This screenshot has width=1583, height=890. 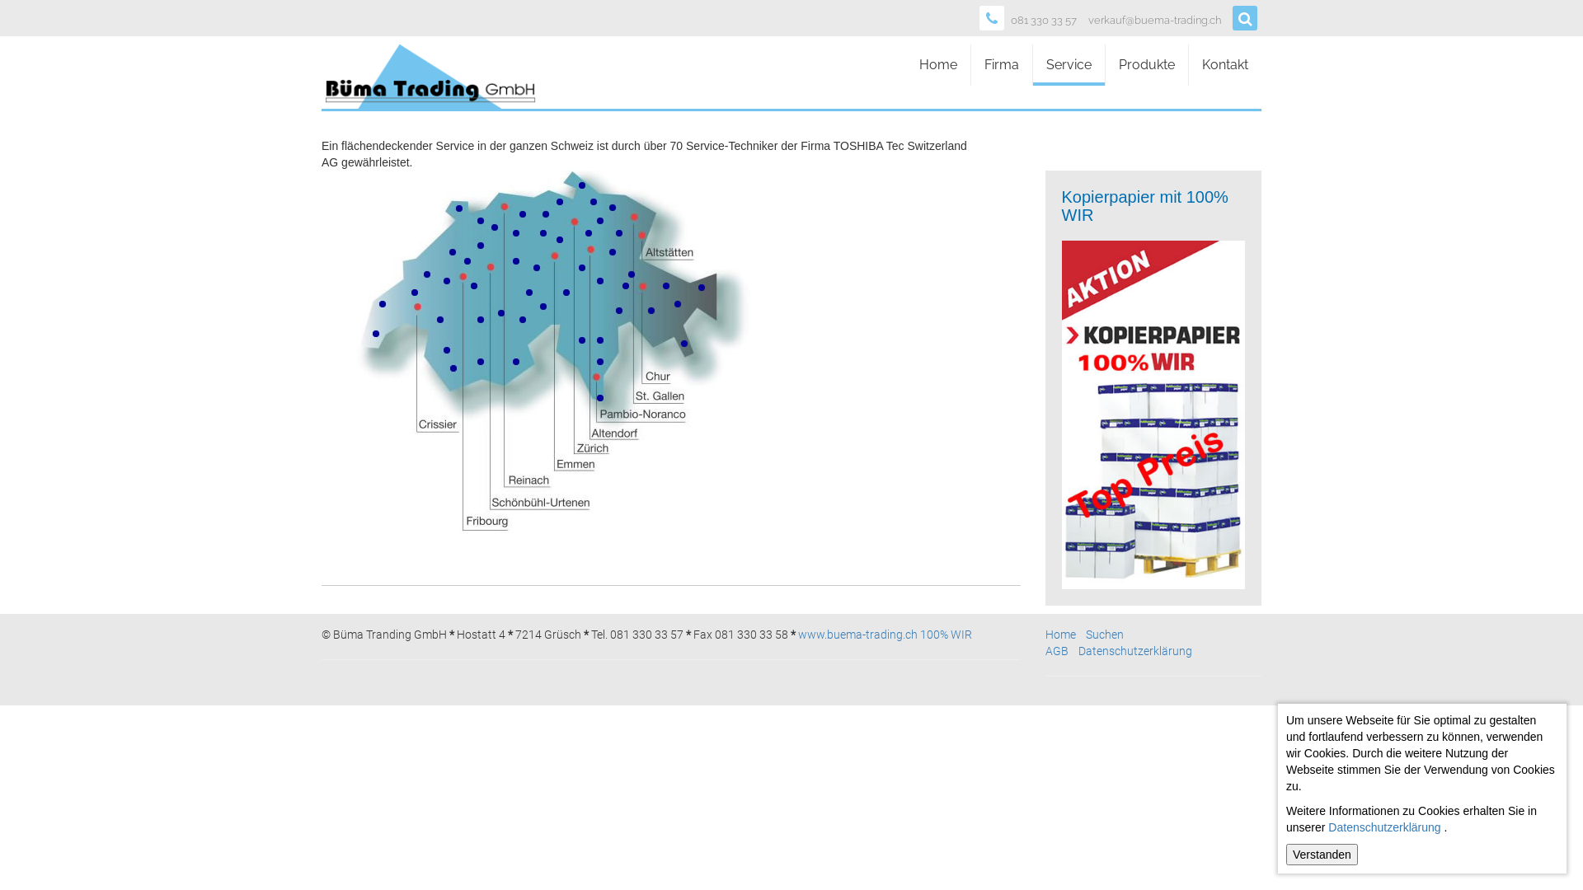 What do you see at coordinates (1088, 21) in the screenshot?
I see `'verkauf@buema-trading.ch'` at bounding box center [1088, 21].